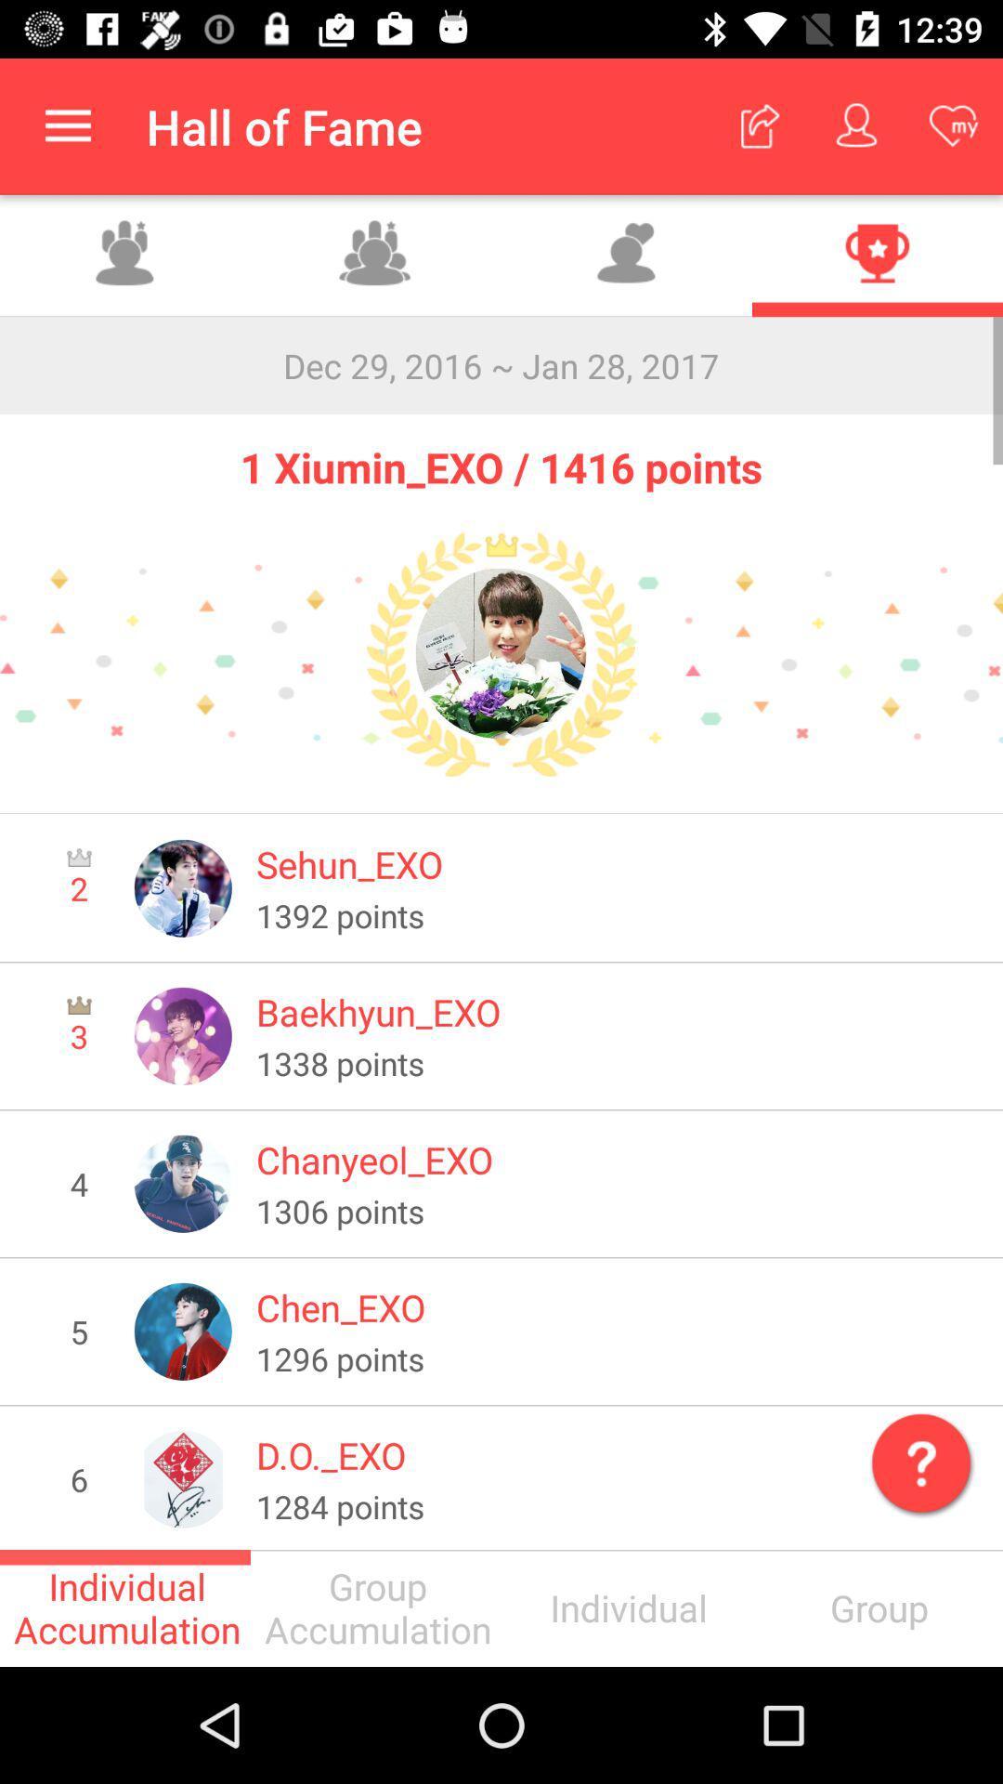  What do you see at coordinates (125, 1607) in the screenshot?
I see `individual accumulation icon` at bounding box center [125, 1607].